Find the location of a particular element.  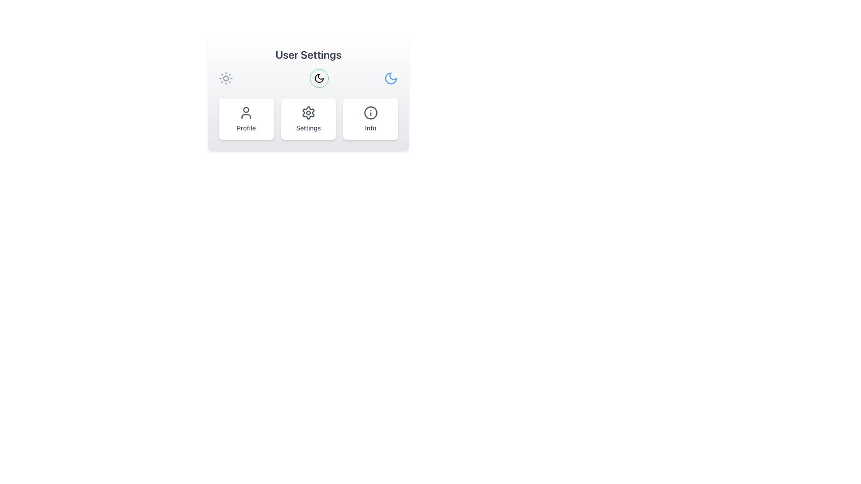

the Interactive card button labeled 'Profile' which has a user silhouette icon and is the leftmost card in a row of three cards is located at coordinates (246, 119).